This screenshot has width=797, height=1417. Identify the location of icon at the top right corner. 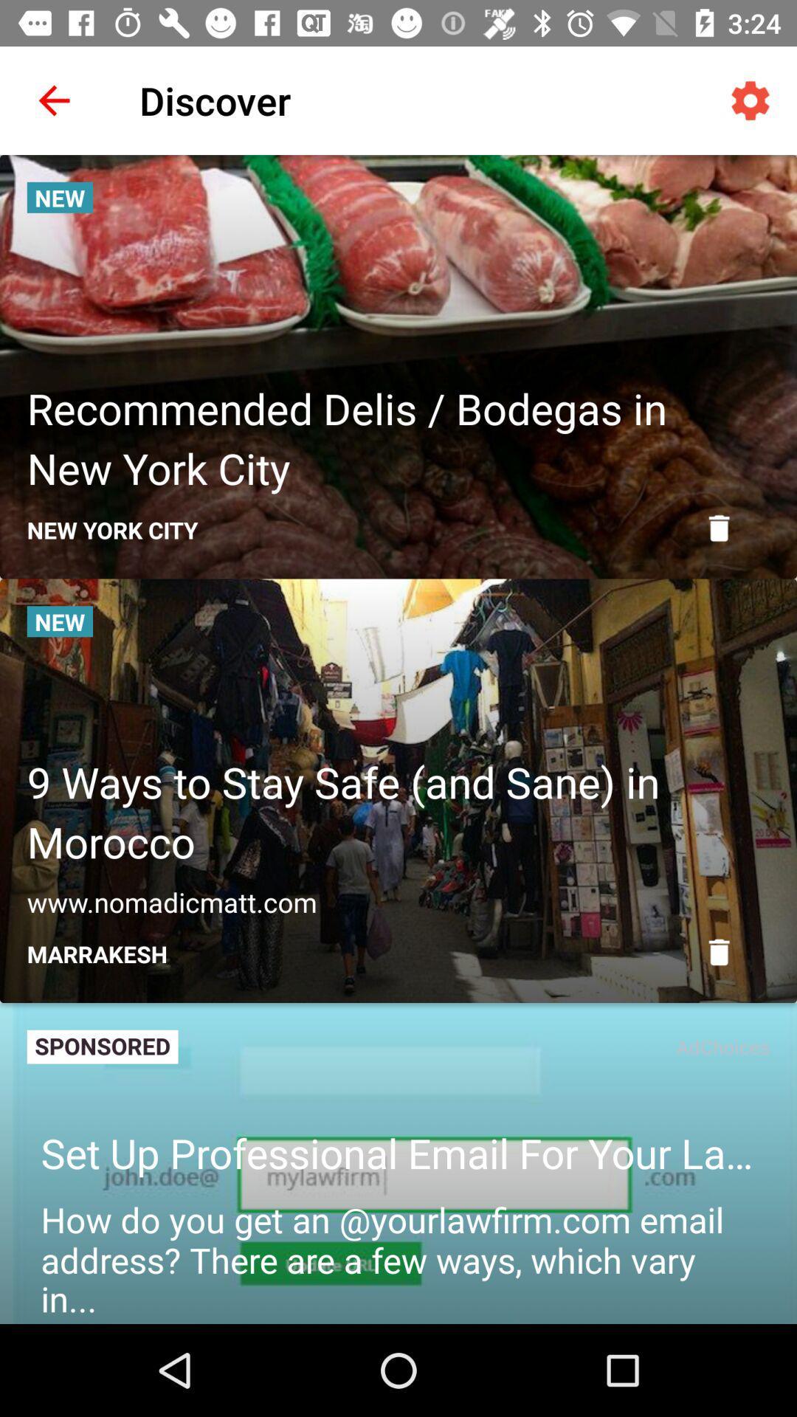
(751, 100).